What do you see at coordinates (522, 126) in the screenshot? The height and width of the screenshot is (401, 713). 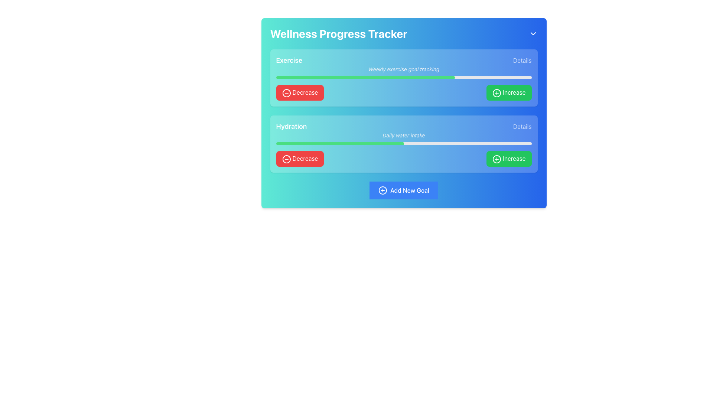 I see `the 'Details' text button, which is displayed in white on a blue background, located on the right edge of the 'Hydration' panel in the 'Wellness Progress Tracker' interface` at bounding box center [522, 126].